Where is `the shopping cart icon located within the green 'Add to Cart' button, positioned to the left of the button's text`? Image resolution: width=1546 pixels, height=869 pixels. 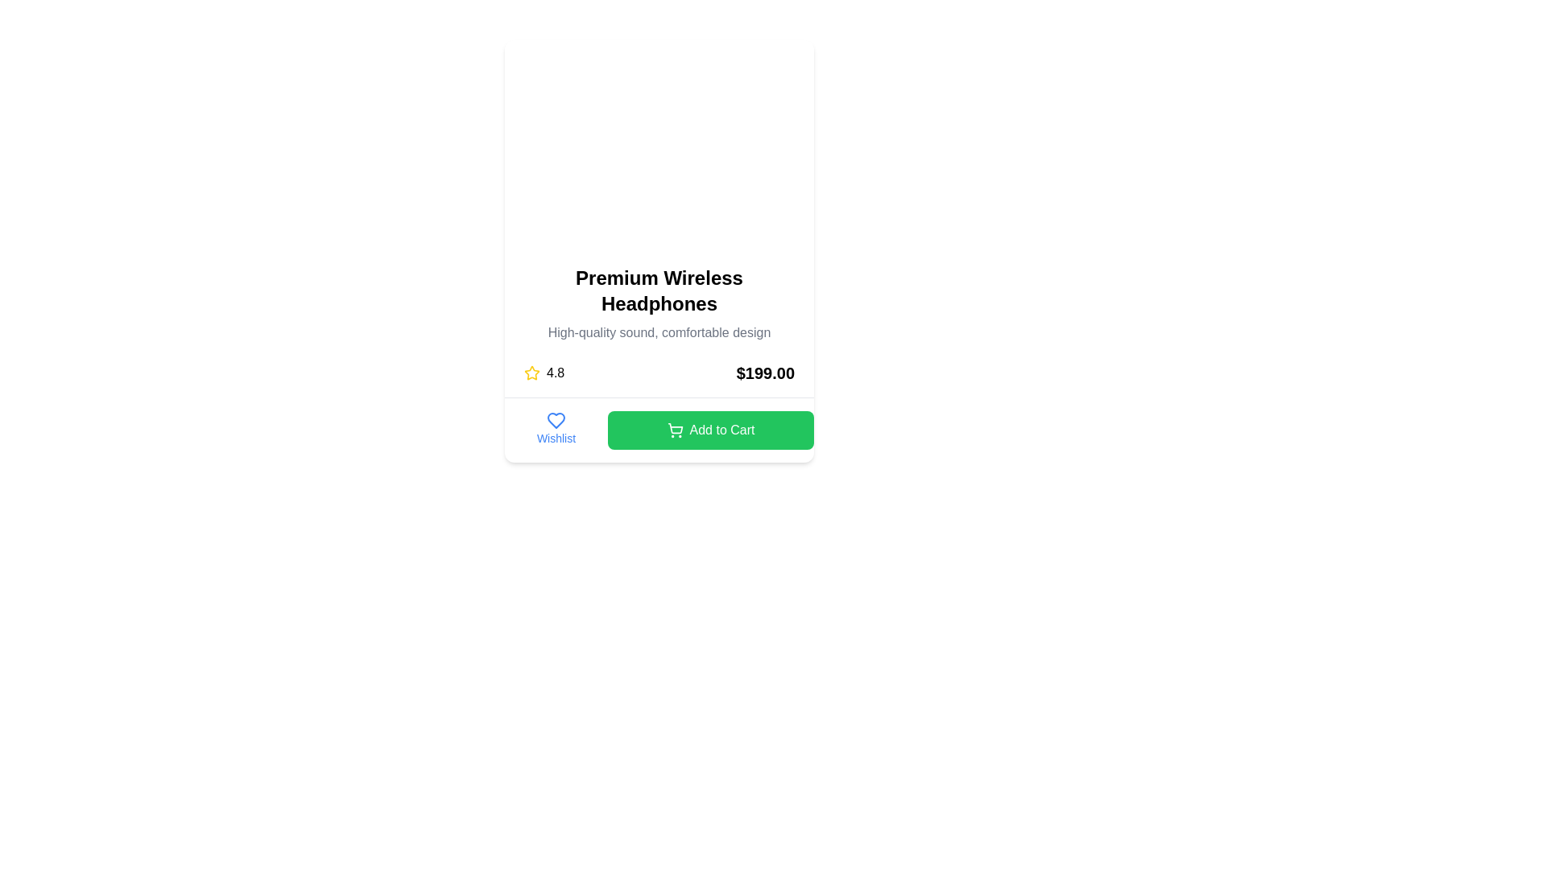 the shopping cart icon located within the green 'Add to Cart' button, positioned to the left of the button's text is located at coordinates (675, 430).